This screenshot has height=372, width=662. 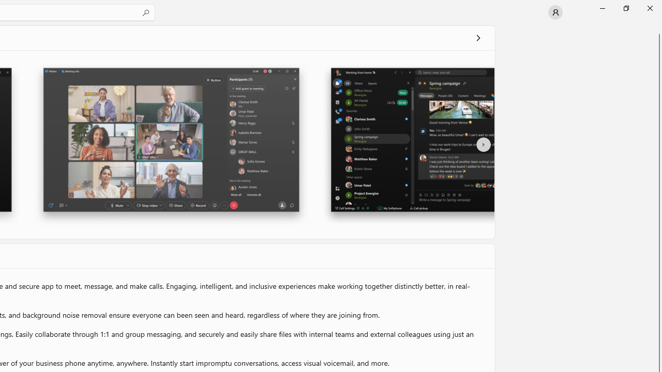 I want to click on 'Minimize Microsoft Store', so click(x=602, y=8).